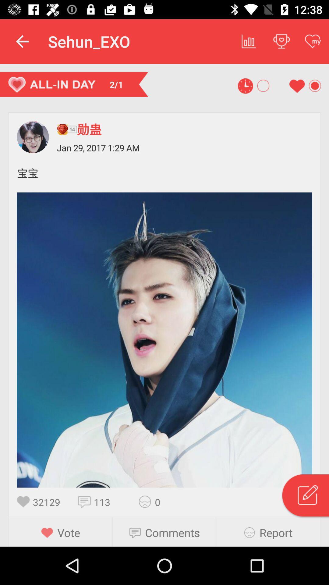 This screenshot has height=585, width=329. Describe the element at coordinates (137, 532) in the screenshot. I see `the icon to the right of the vote item` at that location.